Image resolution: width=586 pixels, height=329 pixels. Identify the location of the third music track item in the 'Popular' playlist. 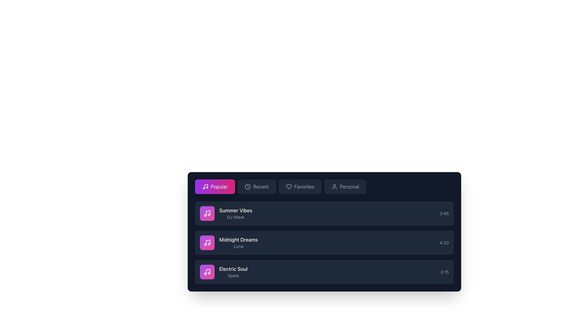
(223, 272).